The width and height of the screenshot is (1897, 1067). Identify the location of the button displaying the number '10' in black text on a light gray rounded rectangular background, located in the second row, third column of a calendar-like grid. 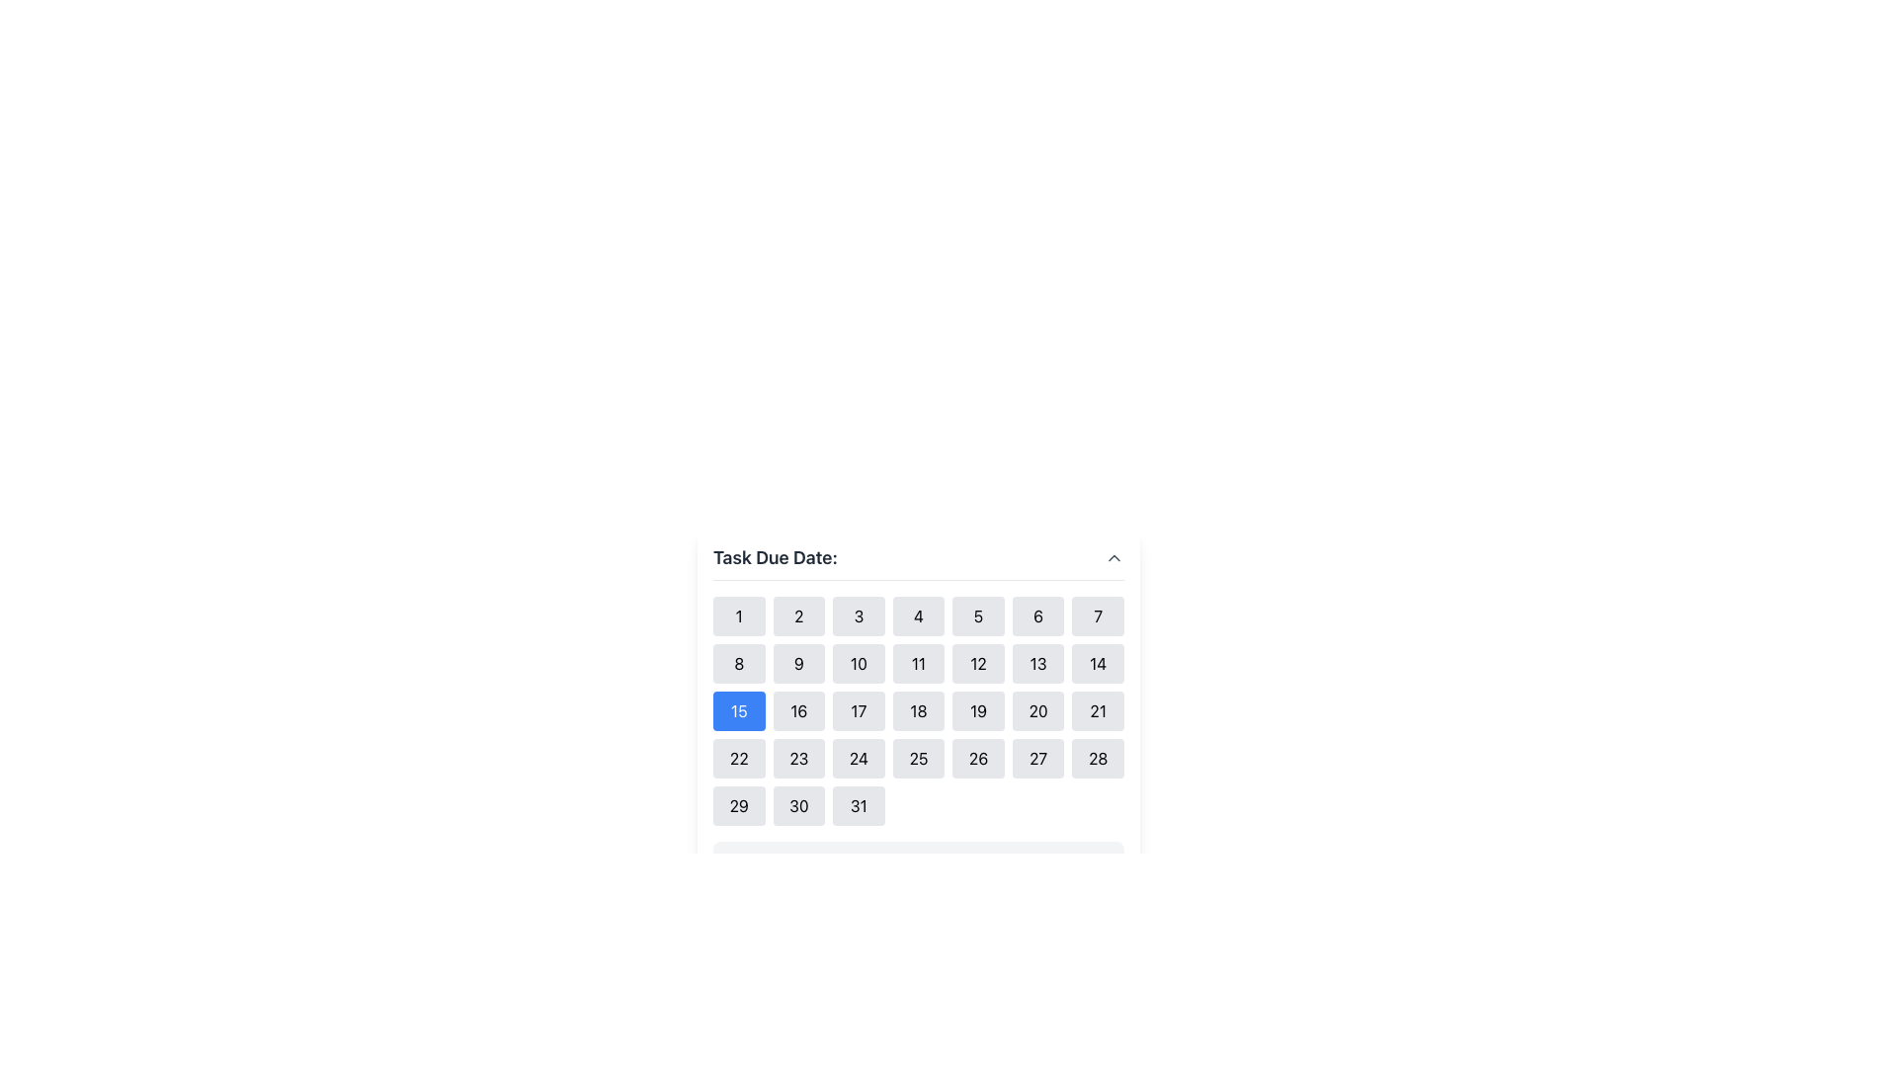
(859, 663).